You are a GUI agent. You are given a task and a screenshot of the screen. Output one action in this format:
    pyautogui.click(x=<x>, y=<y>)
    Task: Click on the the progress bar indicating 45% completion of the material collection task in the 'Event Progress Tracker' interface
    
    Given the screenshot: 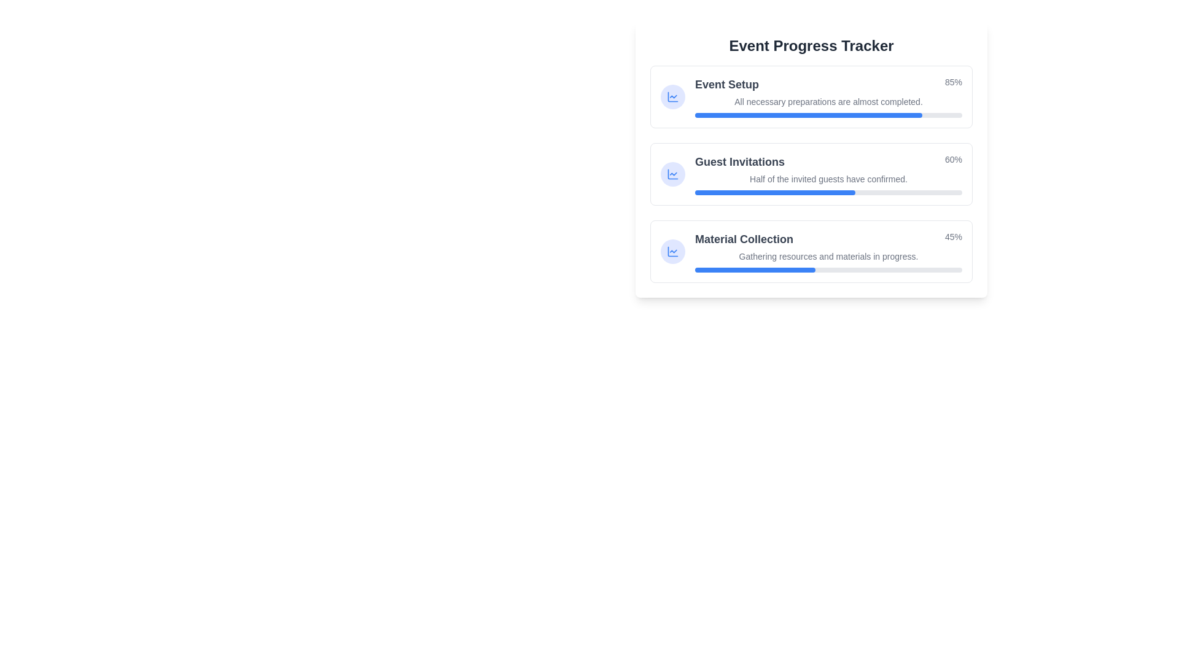 What is the action you would take?
    pyautogui.click(x=828, y=269)
    